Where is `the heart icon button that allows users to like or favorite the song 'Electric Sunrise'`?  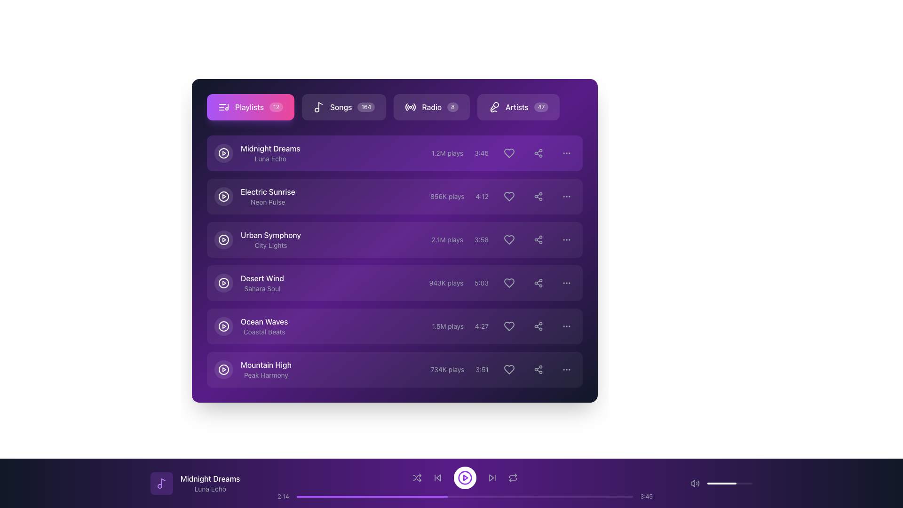
the heart icon button that allows users to like or favorite the song 'Electric Sunrise' is located at coordinates (502, 196).